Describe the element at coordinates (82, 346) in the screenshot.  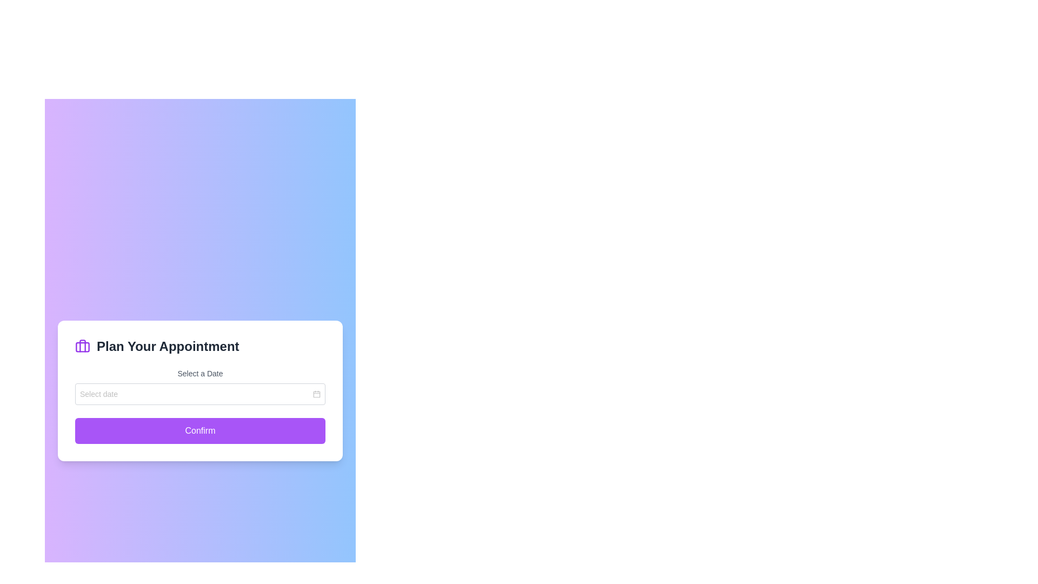
I see `the suitcase-shaped icon with a purple hue located to the left of the text 'Plan Your Appointment' in the header section` at that location.